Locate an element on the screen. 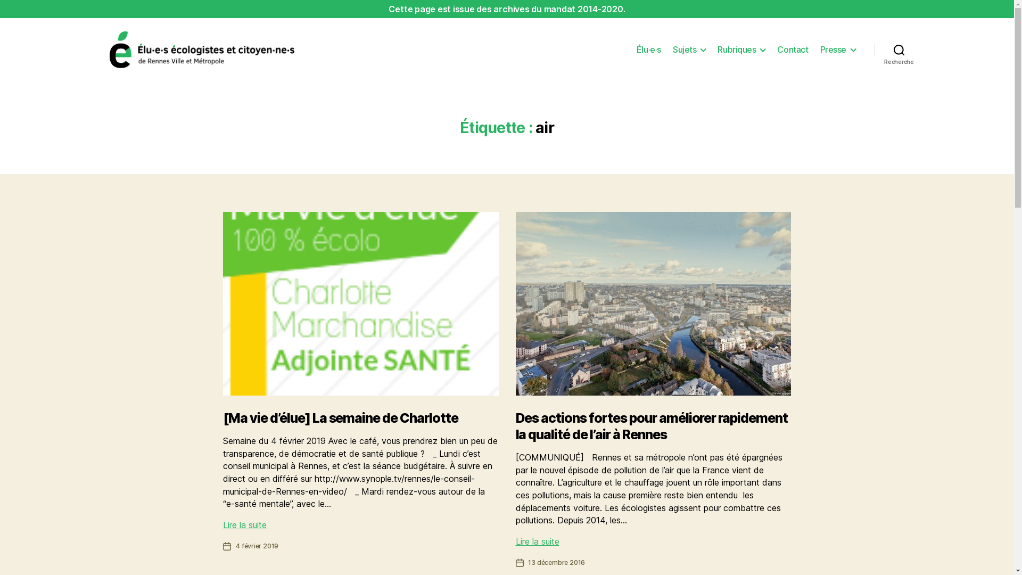 The height and width of the screenshot is (575, 1022). 'Sujets' is located at coordinates (689, 50).